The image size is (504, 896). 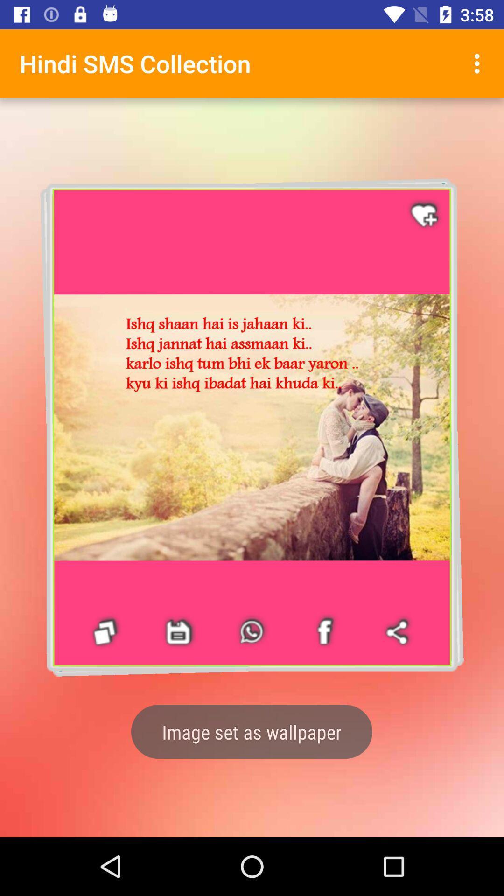 What do you see at coordinates (398, 632) in the screenshot?
I see `the share icon` at bounding box center [398, 632].